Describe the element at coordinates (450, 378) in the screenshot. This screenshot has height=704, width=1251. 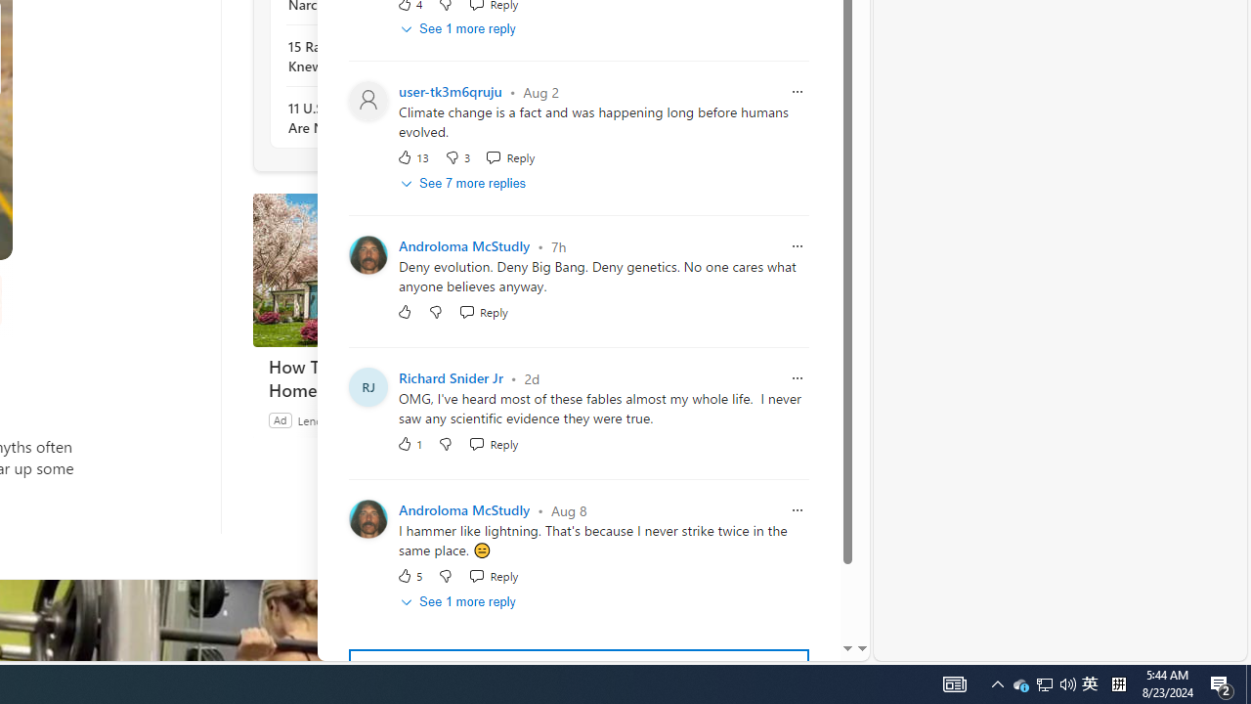
I see `'Richard Snider Jr'` at that location.